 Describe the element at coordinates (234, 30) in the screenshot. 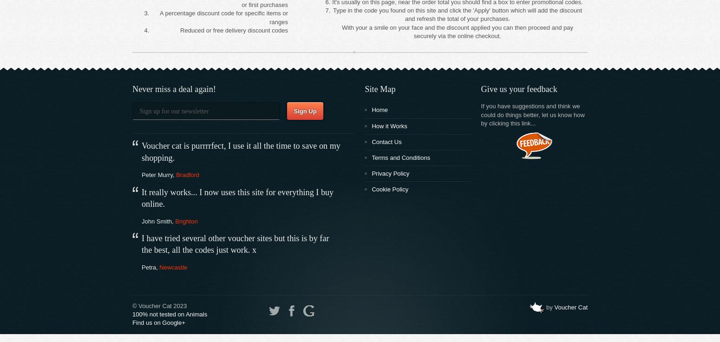

I see `'Reduced or free delivery discount codes'` at that location.